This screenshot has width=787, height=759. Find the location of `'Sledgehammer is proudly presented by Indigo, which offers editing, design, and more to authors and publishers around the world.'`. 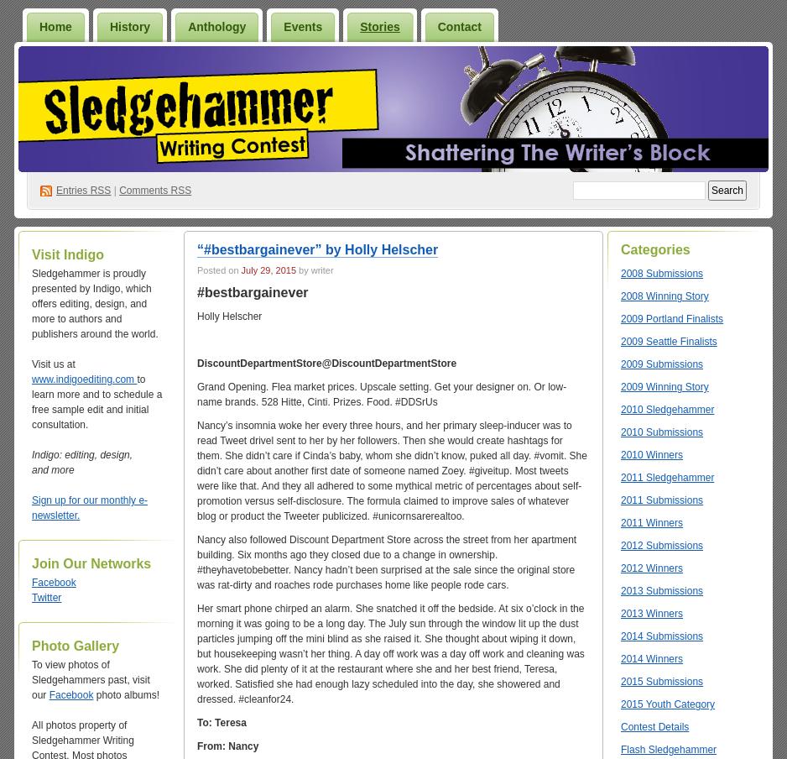

'Sledgehammer is proudly presented by Indigo, which offers editing, design, and more to authors and publishers around the world.' is located at coordinates (94, 302).